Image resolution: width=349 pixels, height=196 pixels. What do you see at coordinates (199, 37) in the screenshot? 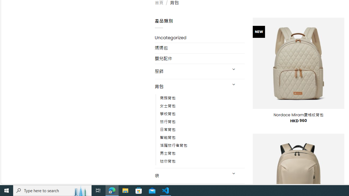
I see `'Uncategorized'` at bounding box center [199, 37].